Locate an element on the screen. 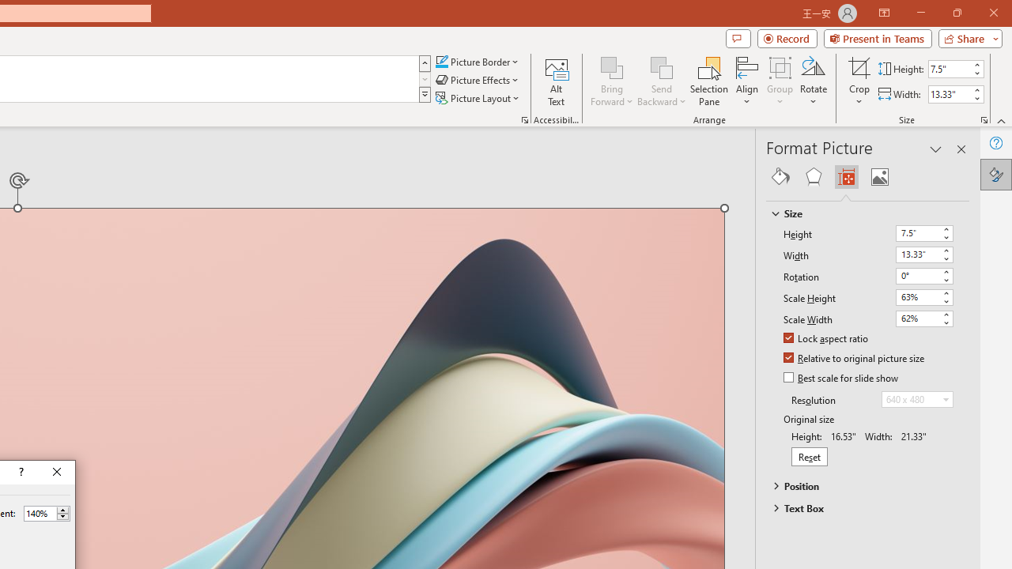  'Selection Pane...' is located at coordinates (708, 81).